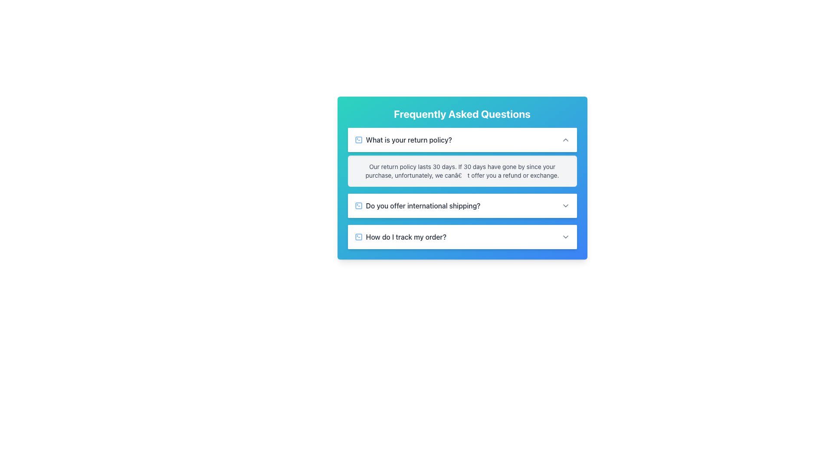 The width and height of the screenshot is (833, 468). I want to click on the third Expandable FAQ item labeled 'How do I track my order?', so click(462, 237).